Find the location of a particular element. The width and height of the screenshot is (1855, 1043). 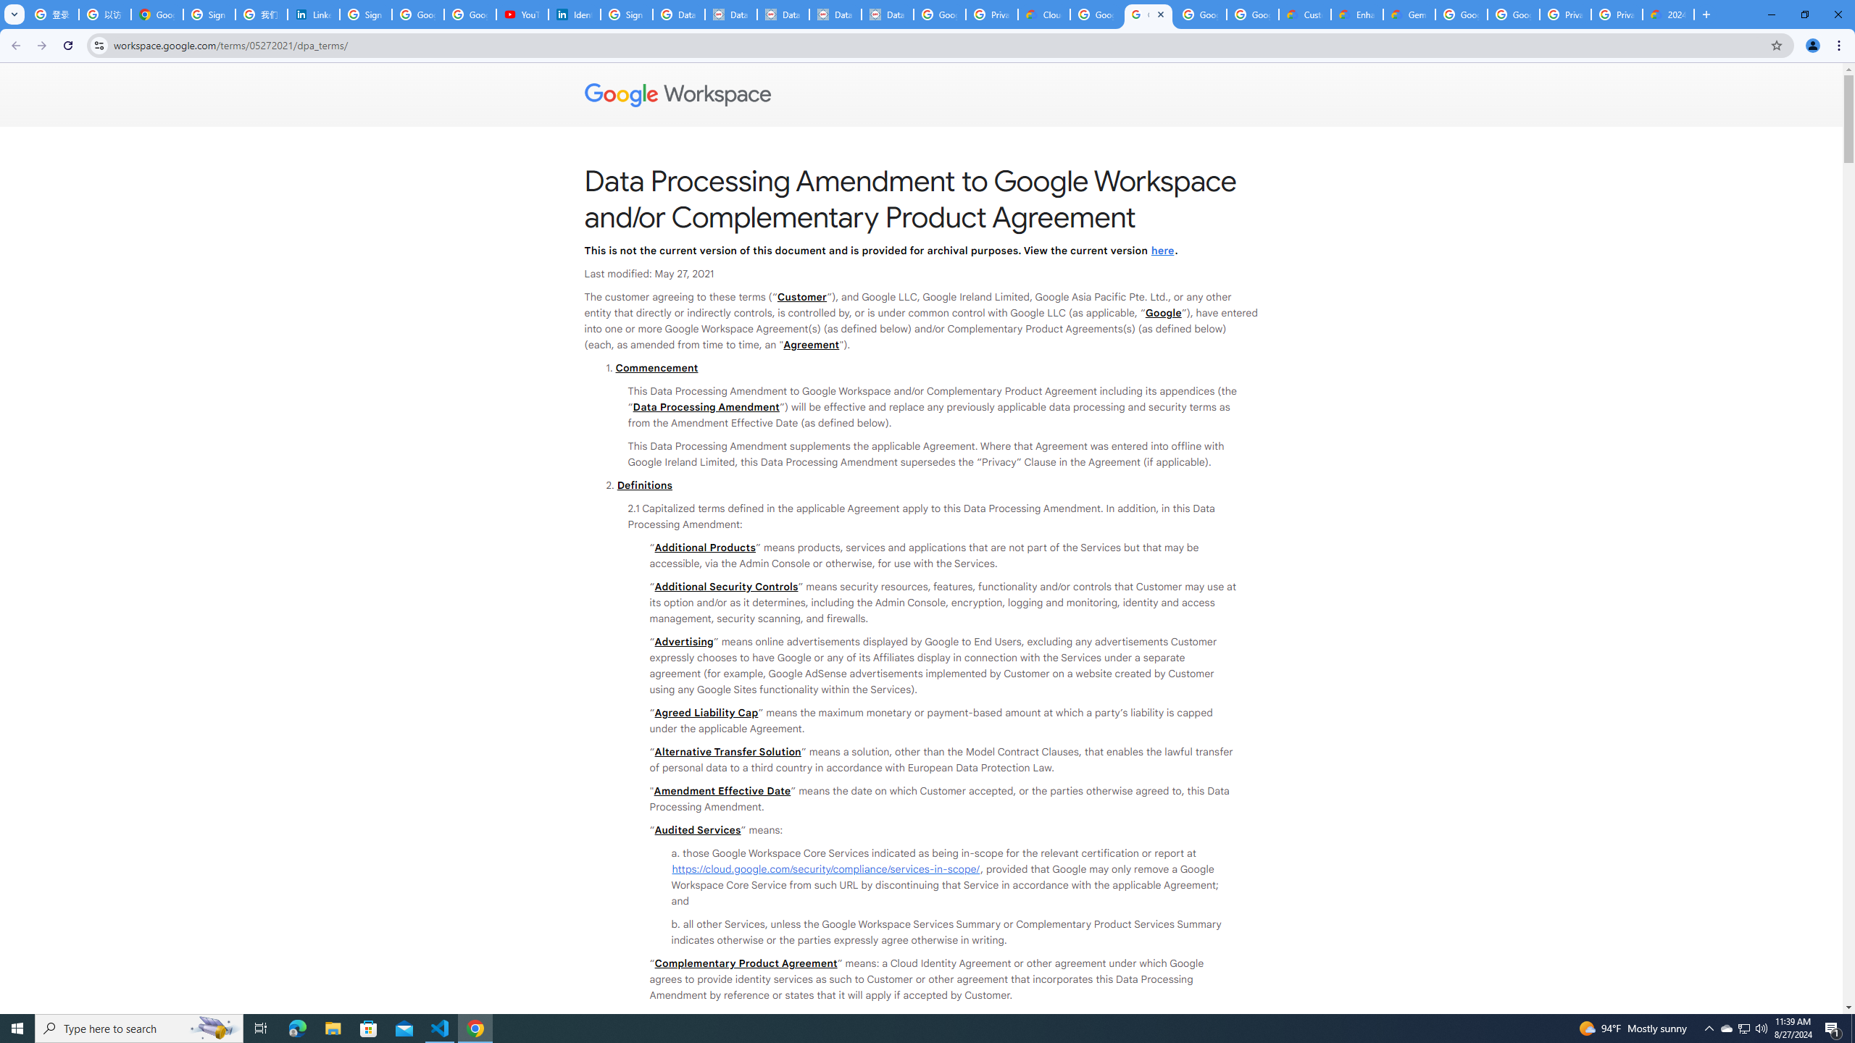

'Sign in - Google Accounts' is located at coordinates (209, 14).